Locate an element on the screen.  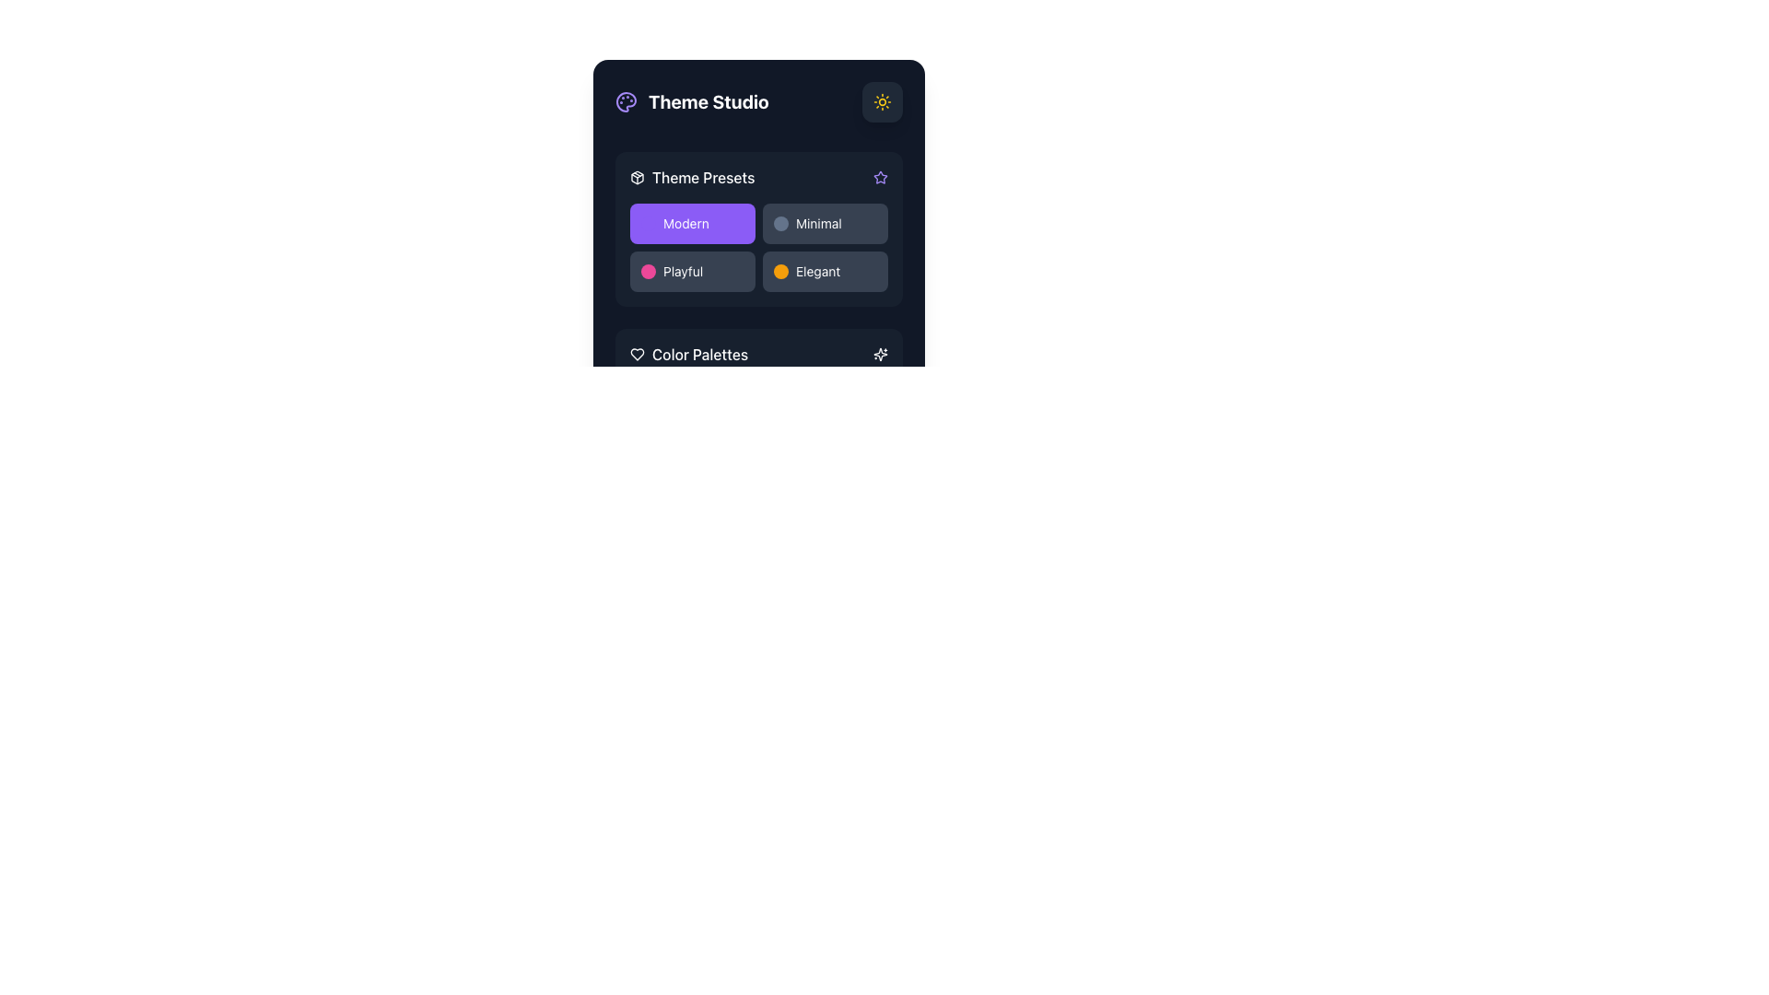
the state represented by the circular icon located to the left of the 'Modern' label in the 'Theme Presets' section of the 'Theme Studio' interface is located at coordinates (649, 223).